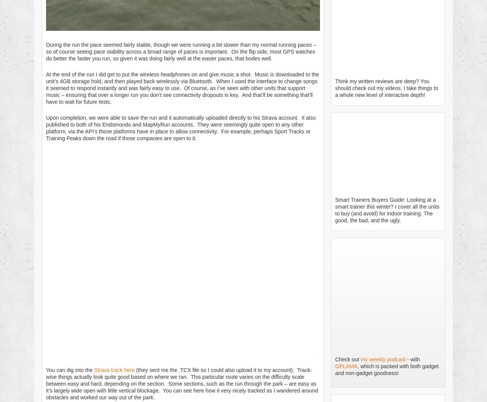 Image resolution: width=487 pixels, height=402 pixels. I want to click on 'Check out', so click(347, 359).